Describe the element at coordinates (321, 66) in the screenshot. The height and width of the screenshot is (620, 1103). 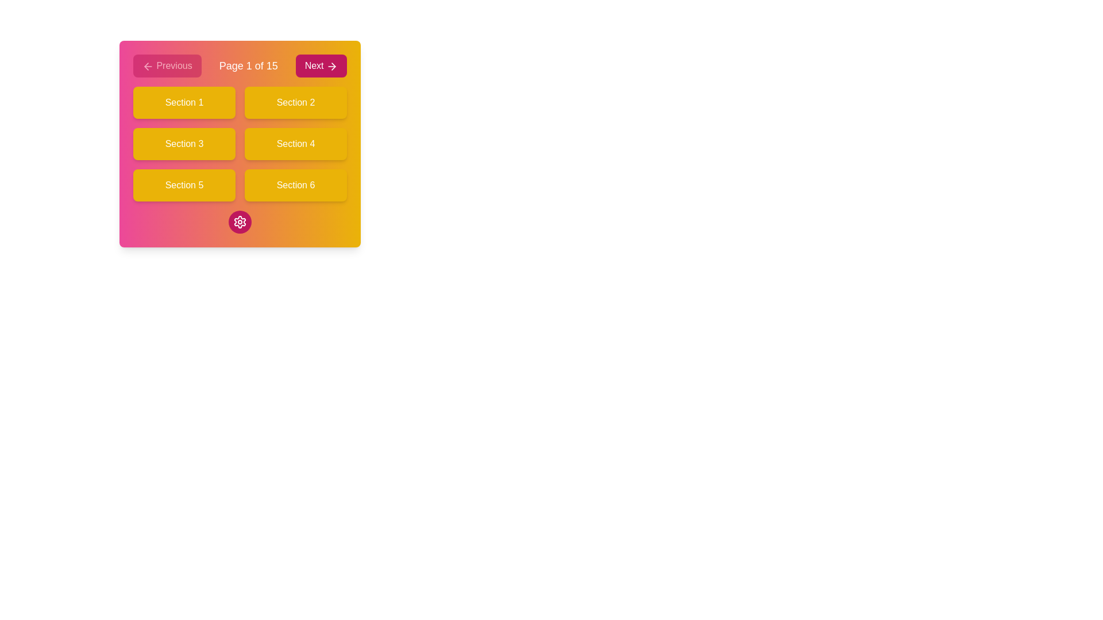
I see `the Next button located in the upper-right corner of the pagination controls` at that location.